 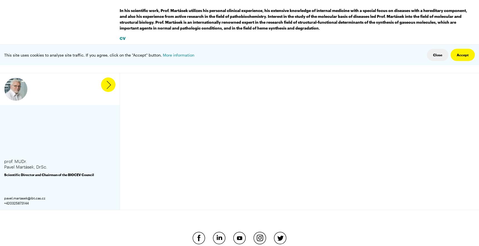 I want to click on 'prof. MUDr.', so click(x=15, y=161).